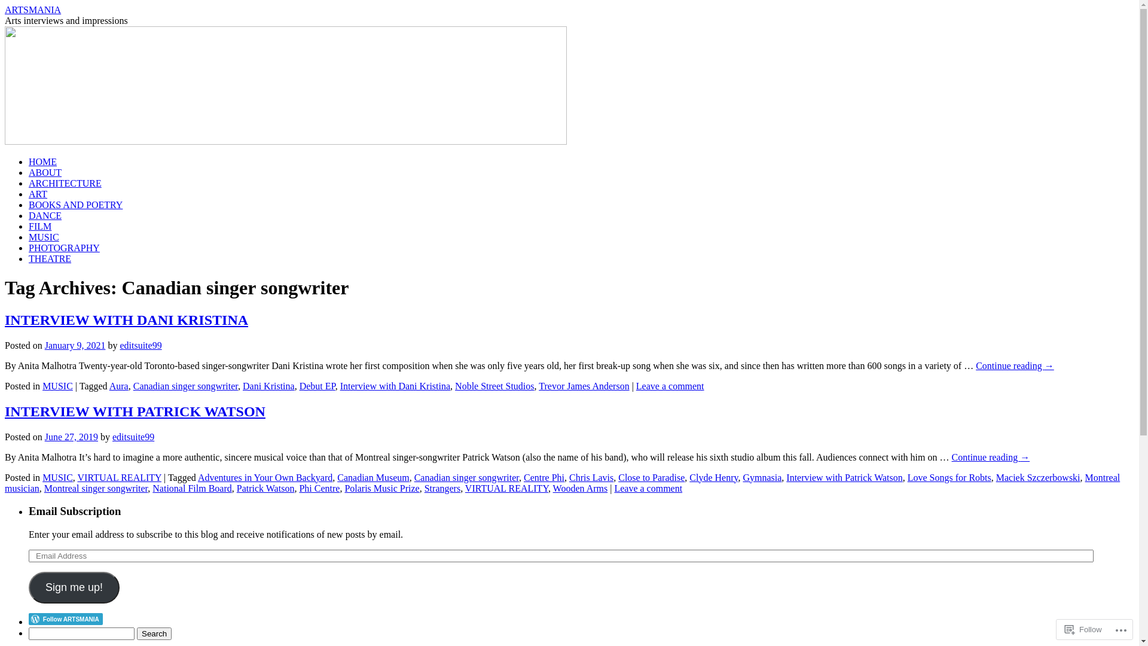 This screenshot has height=646, width=1148. What do you see at coordinates (44, 488) in the screenshot?
I see `'Montreal singer songwriter'` at bounding box center [44, 488].